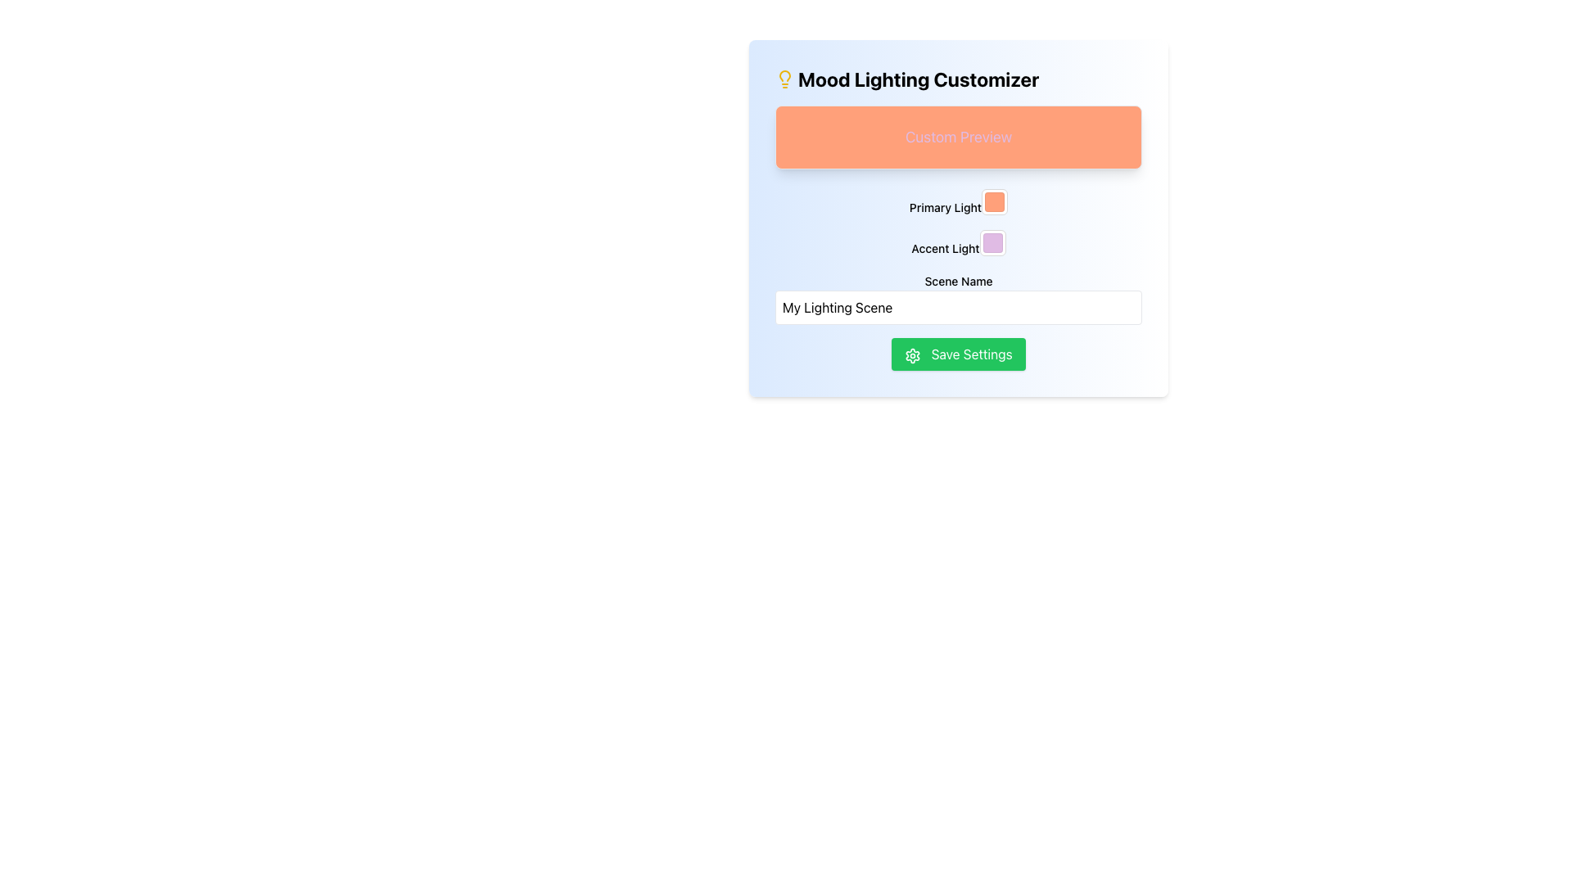 This screenshot has height=884, width=1572. I want to click on the Color Picker Block located in the 'Accent Light' section on the right side of the interface, so click(992, 243).